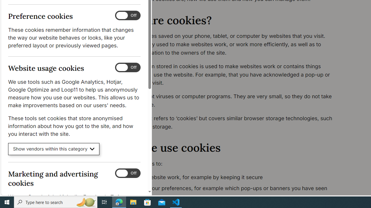 The height and width of the screenshot is (208, 371). Describe the element at coordinates (54, 149) in the screenshot. I see `'Show vendors within this category'` at that location.